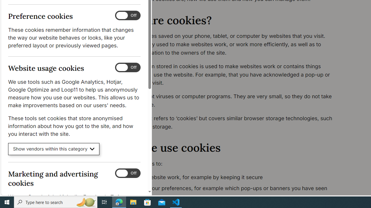 The height and width of the screenshot is (208, 371). Describe the element at coordinates (54, 149) in the screenshot. I see `'Show vendors within this category'` at that location.